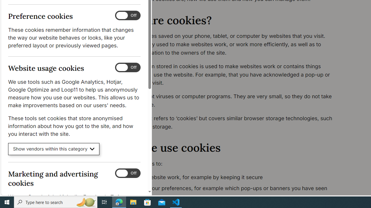 The height and width of the screenshot is (208, 371). Describe the element at coordinates (54, 149) in the screenshot. I see `'Show vendors within this category'` at that location.